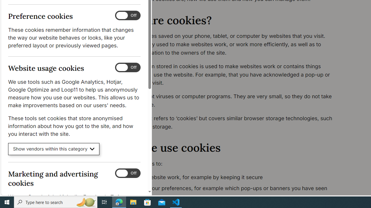 The height and width of the screenshot is (208, 371). Describe the element at coordinates (54, 149) in the screenshot. I see `'Show vendors within this category'` at that location.